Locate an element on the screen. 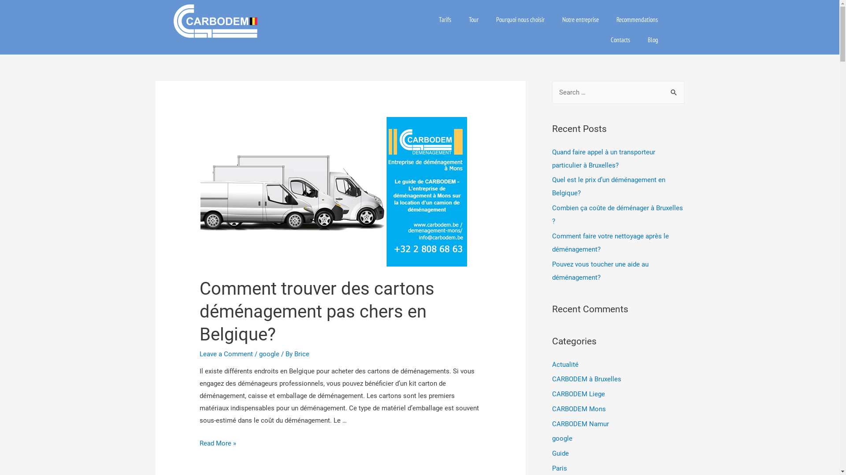 The image size is (846, 475). 'Pourquoi nous choisir' is located at coordinates (520, 20).